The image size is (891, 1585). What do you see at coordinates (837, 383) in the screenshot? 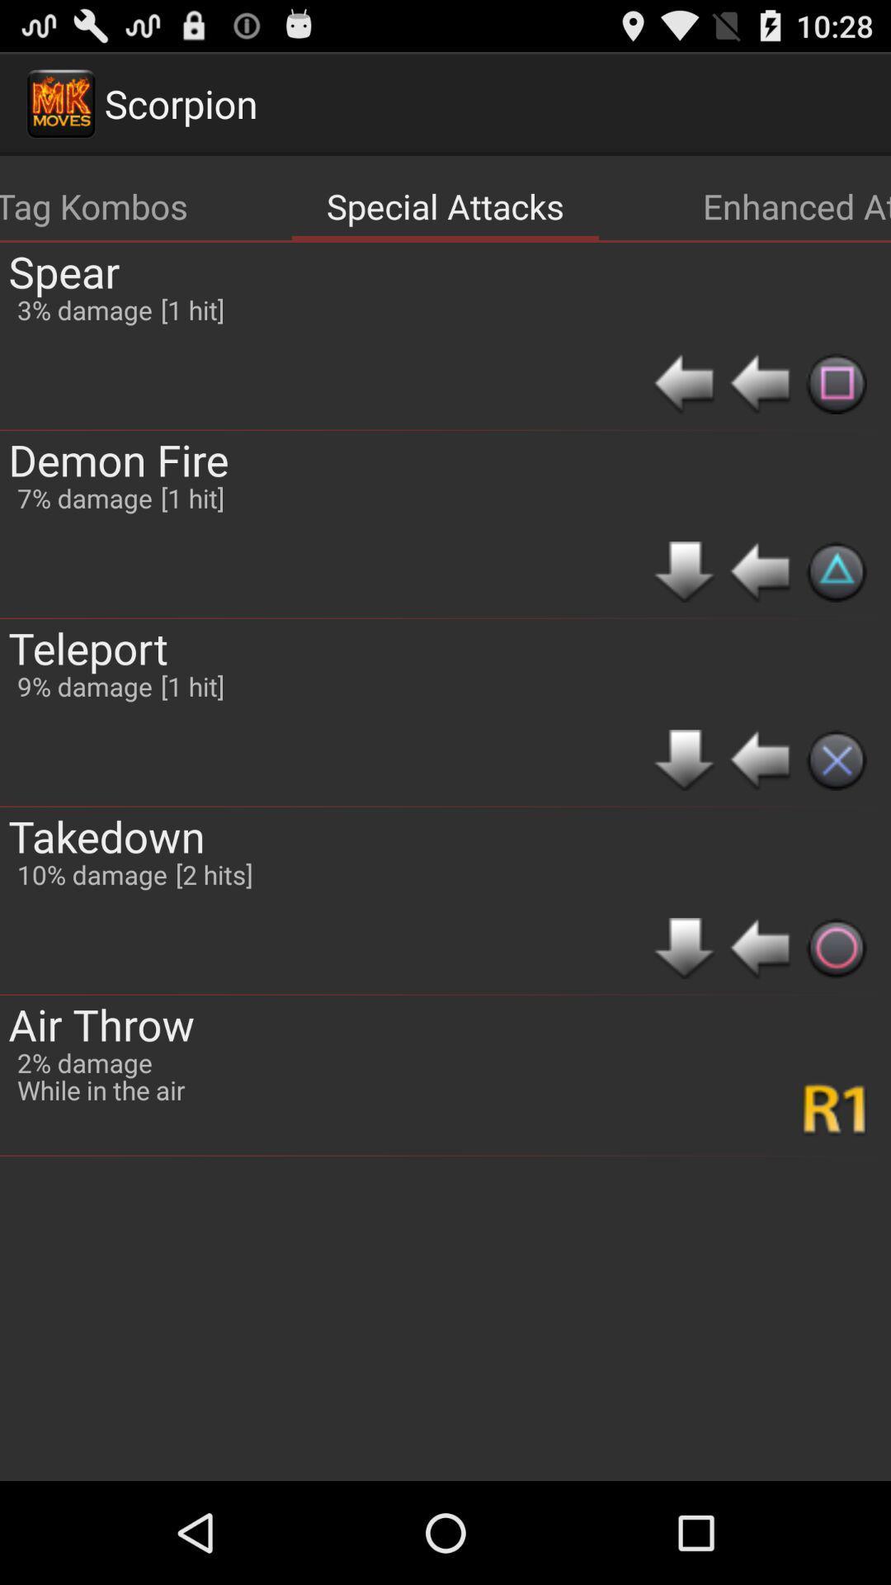
I see `icon below enhanced attacks app` at bounding box center [837, 383].